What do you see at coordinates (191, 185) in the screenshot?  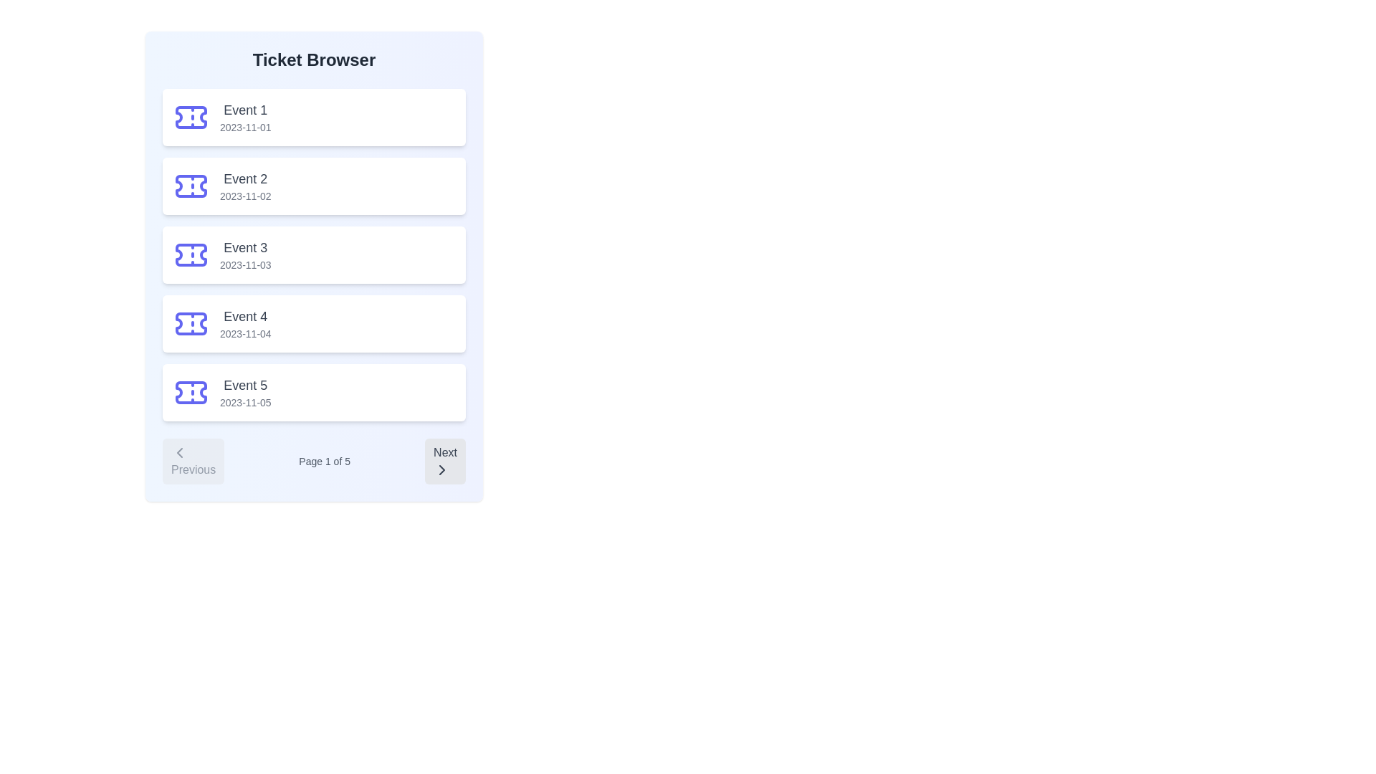 I see `the icon representing the second event in the vertical list, located to the left of the text 'Event 2' and '2023-11-02'` at bounding box center [191, 185].